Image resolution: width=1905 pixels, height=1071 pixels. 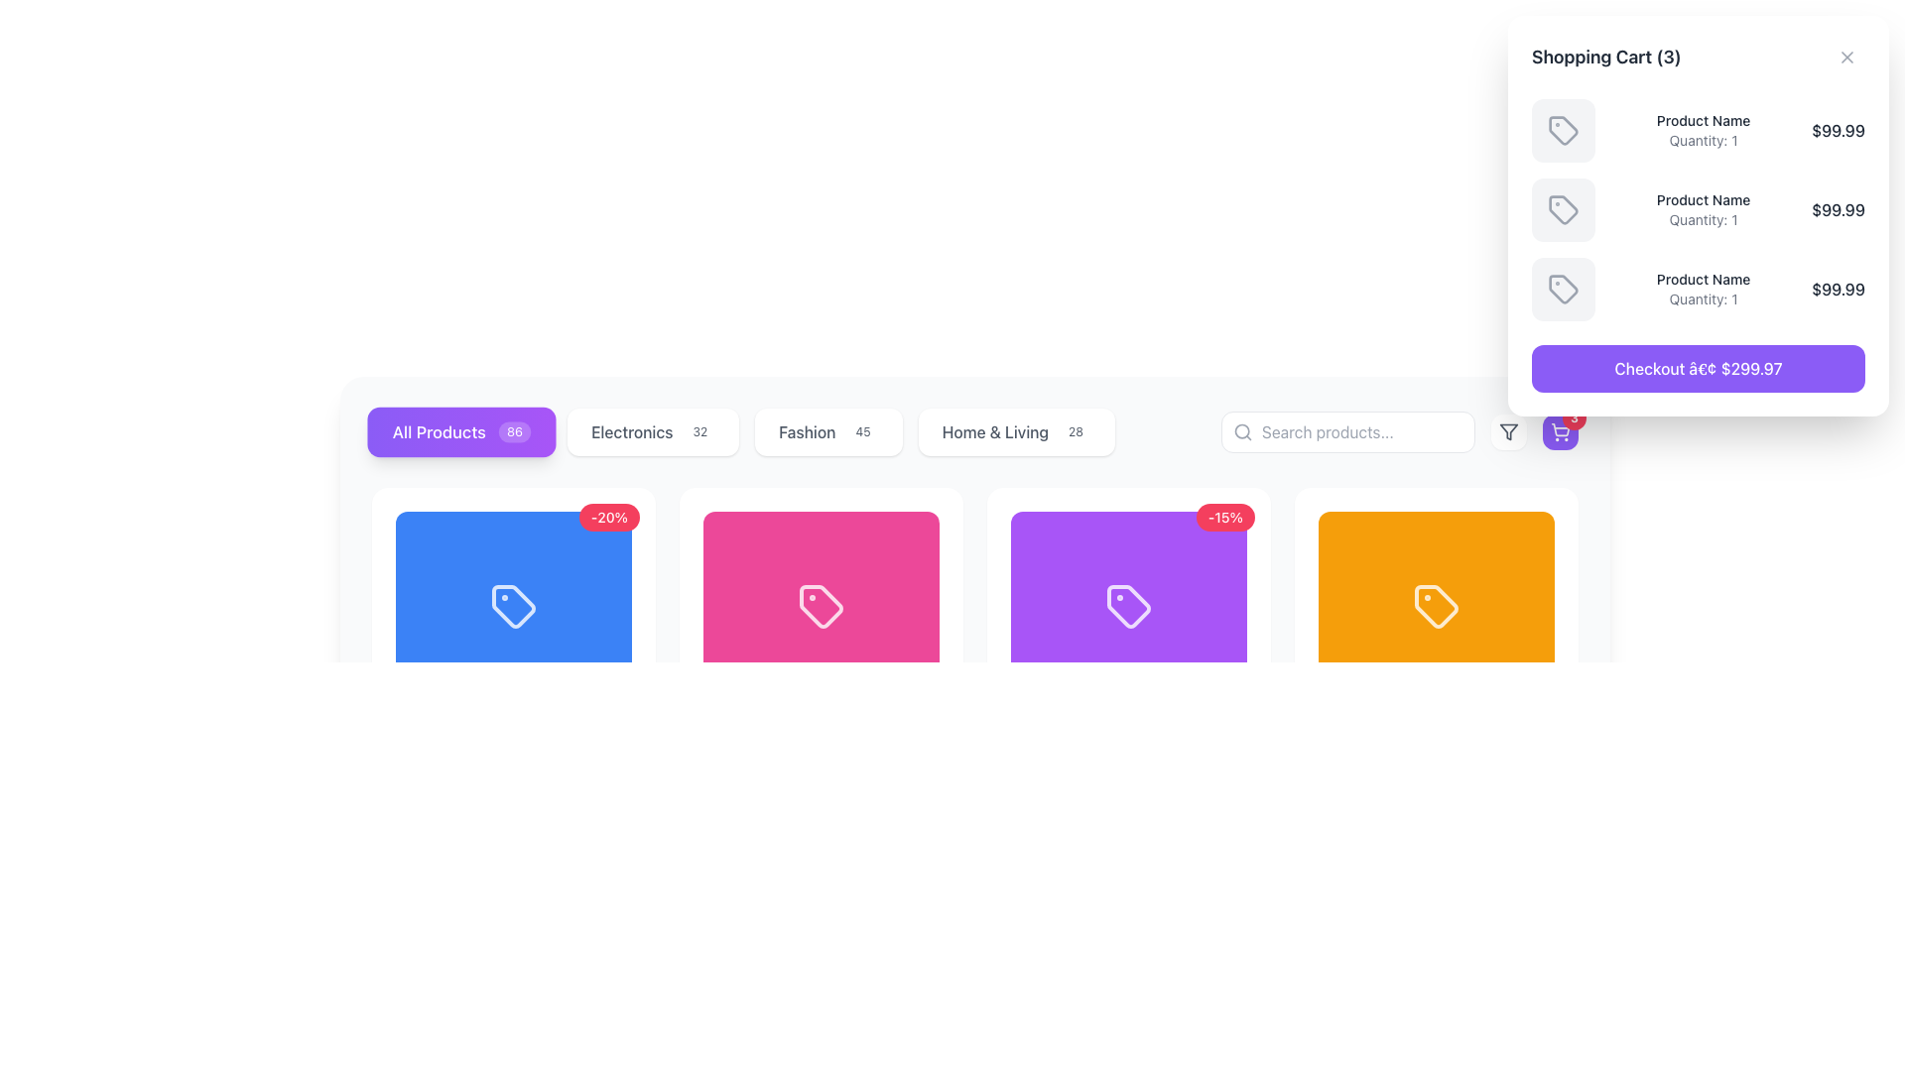 What do you see at coordinates (1128, 668) in the screenshot?
I see `the third product card in the catalog, located in the second row` at bounding box center [1128, 668].